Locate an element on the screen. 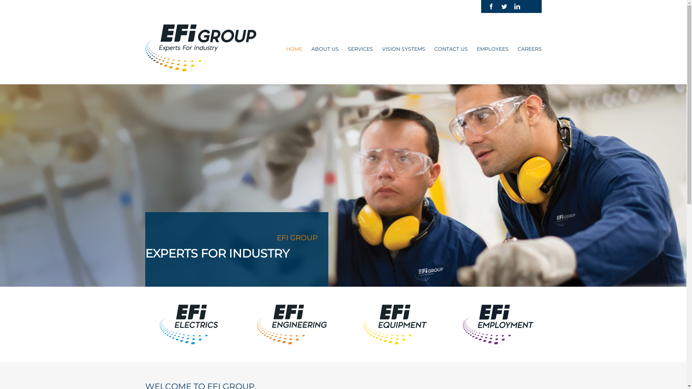  'Facebook' is located at coordinates (488, 6).